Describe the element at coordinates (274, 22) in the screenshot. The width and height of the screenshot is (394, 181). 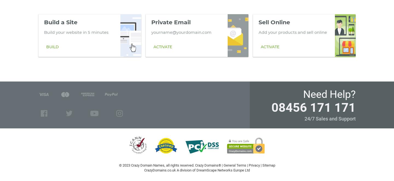
I see `'Sell Online'` at that location.